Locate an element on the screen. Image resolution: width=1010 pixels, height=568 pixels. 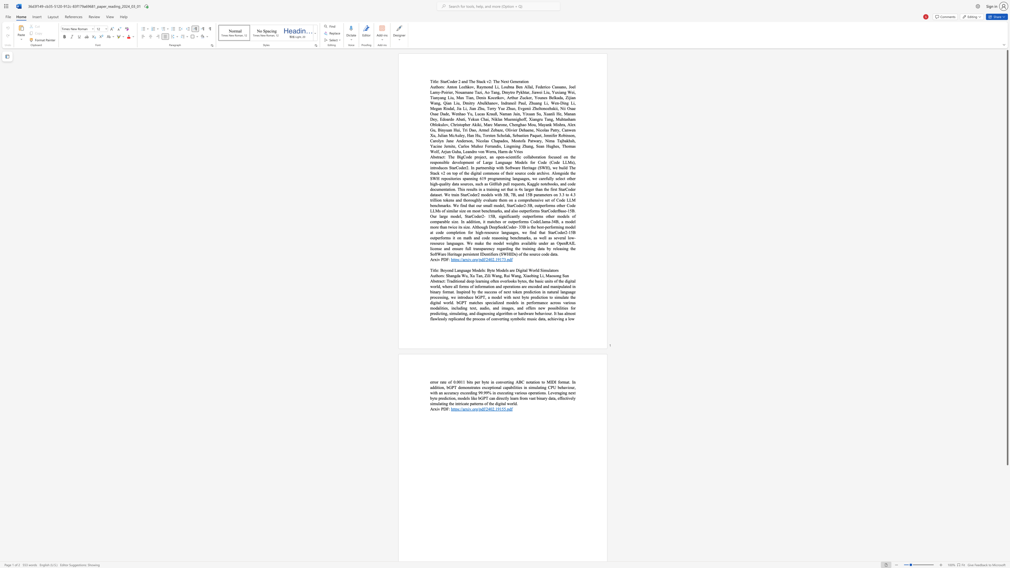
the subset text "o, Evgenii Zheltonozhskii, Nii Osae Osae Dade, Wenhao Yu, Lucas Krauß, Naman Jain, Yixuan Su, Xuanli He, Manan Dey, Edoardo Abati, Yekun Chai, Niklas Muennighoff, Xiangru Tang, Muhtasham Oblokulov, Christopher Akiki, Marc Marone, Chenghao Mou, Mayank Mishra, Alex Gu, Binyuan Hui, Tri Dao, Armel Zebaze, Olivier Deh" within the text "Anton Lozhkov, Raymond Li, Loubna Ben Allal, Federico Cassano, Joel Lamy-Poirier, Nouamane Tazi, Ao Tang, Dmytro Pykhtar, Jiawei Liu, Yuxiang Wei, Tianyang Liu, Max Tian, Denis Kocetkov, Arthur Zucker, Younes Belkada, Zijian Wang, Qian Liu, Dmitry Abulkhanov, Indraneil Paul, Zhuang Li, Wen-Ding Li, Megan Risdal, Jia Li, Jian Zhu, Terry Yue Zhuo, Evgenii Zheltonozhskii, Nii Osae Osae Dade, Wenhao Yu, Lucas Krauß, Naman Jain, Yixuan Su, Xuanli He, Manan Dey, Edoardo Abati, Yekun Chai, Niklas Muennighoff, Xiangru Tang, Muhtasham Oblokulov, Christopher Akiki, Marc Marone, Chenghao Mou, Mayank Mishra, Alex Gu, Binyuan Hui, Tri Dao, Armel Zebaze, Olivier Dehaene, Nicolas Patry, Canwen Xu, Julian McAuley, Han Hu, Torsten Scholak, Sebastien Paquet, Jennifer Robinson, Carolyn Jane Anderson, Nicolas Chapados, Mostofa Patwary, Nima Tajbakhsh, Yacine Jernite, Carlos Muñoz Ferrandis, Lingming Zhang, Sean Hughes, Thomas Wolf, Arjun Guha, Leandro von Werra, Harm de Vries" is located at coordinates (513, 108).